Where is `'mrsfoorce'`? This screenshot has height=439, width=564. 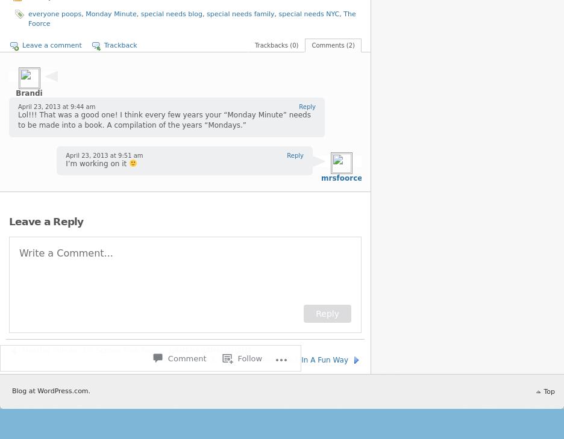 'mrsfoorce' is located at coordinates (321, 177).